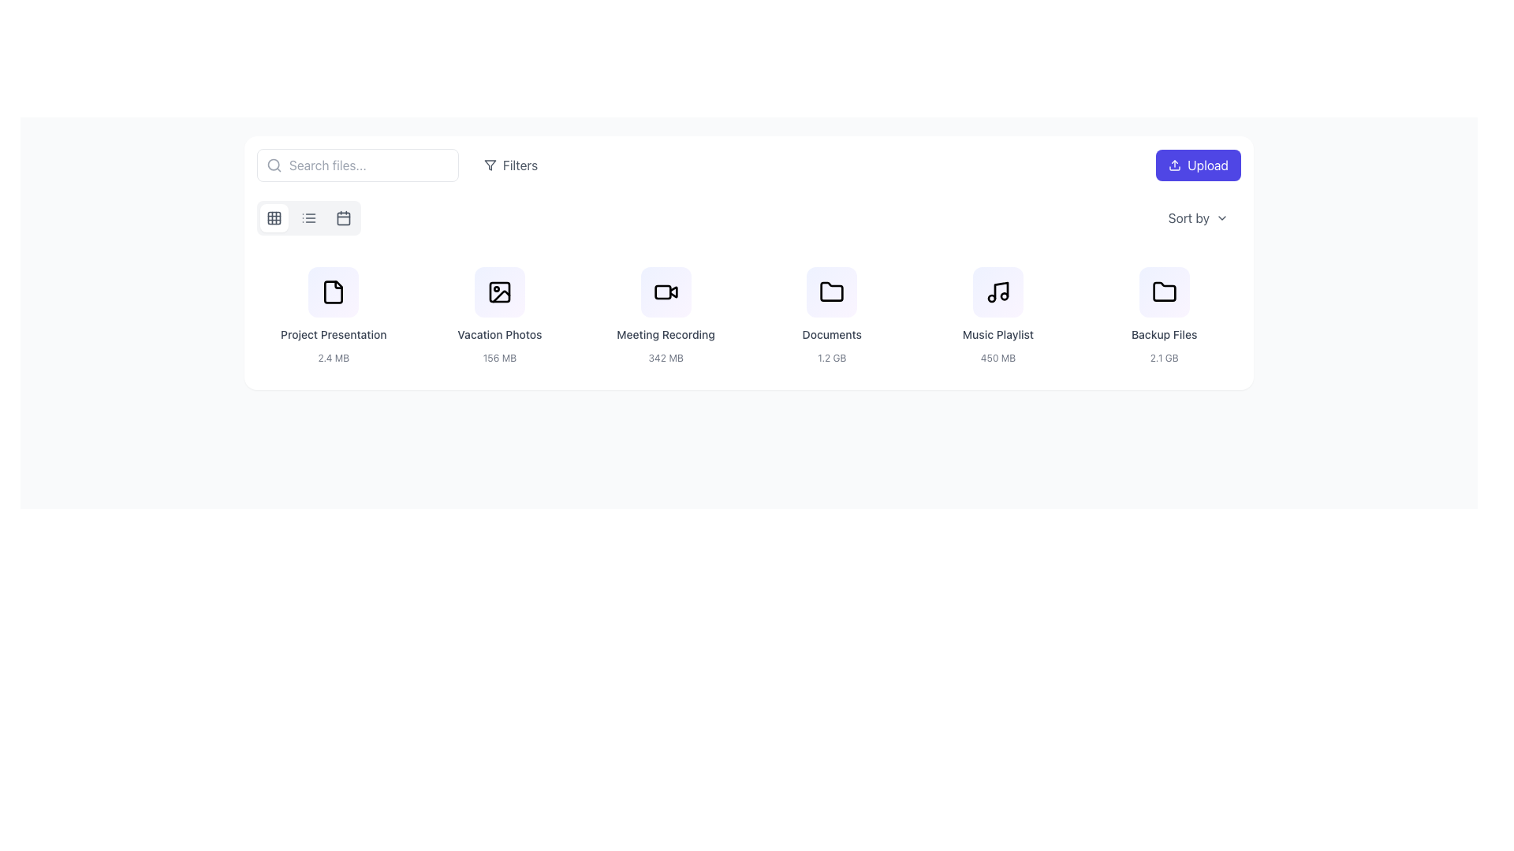  Describe the element at coordinates (1164, 292) in the screenshot. I see `the folder icon with a black outline and gradient background labeled 'Backup Files'` at that location.